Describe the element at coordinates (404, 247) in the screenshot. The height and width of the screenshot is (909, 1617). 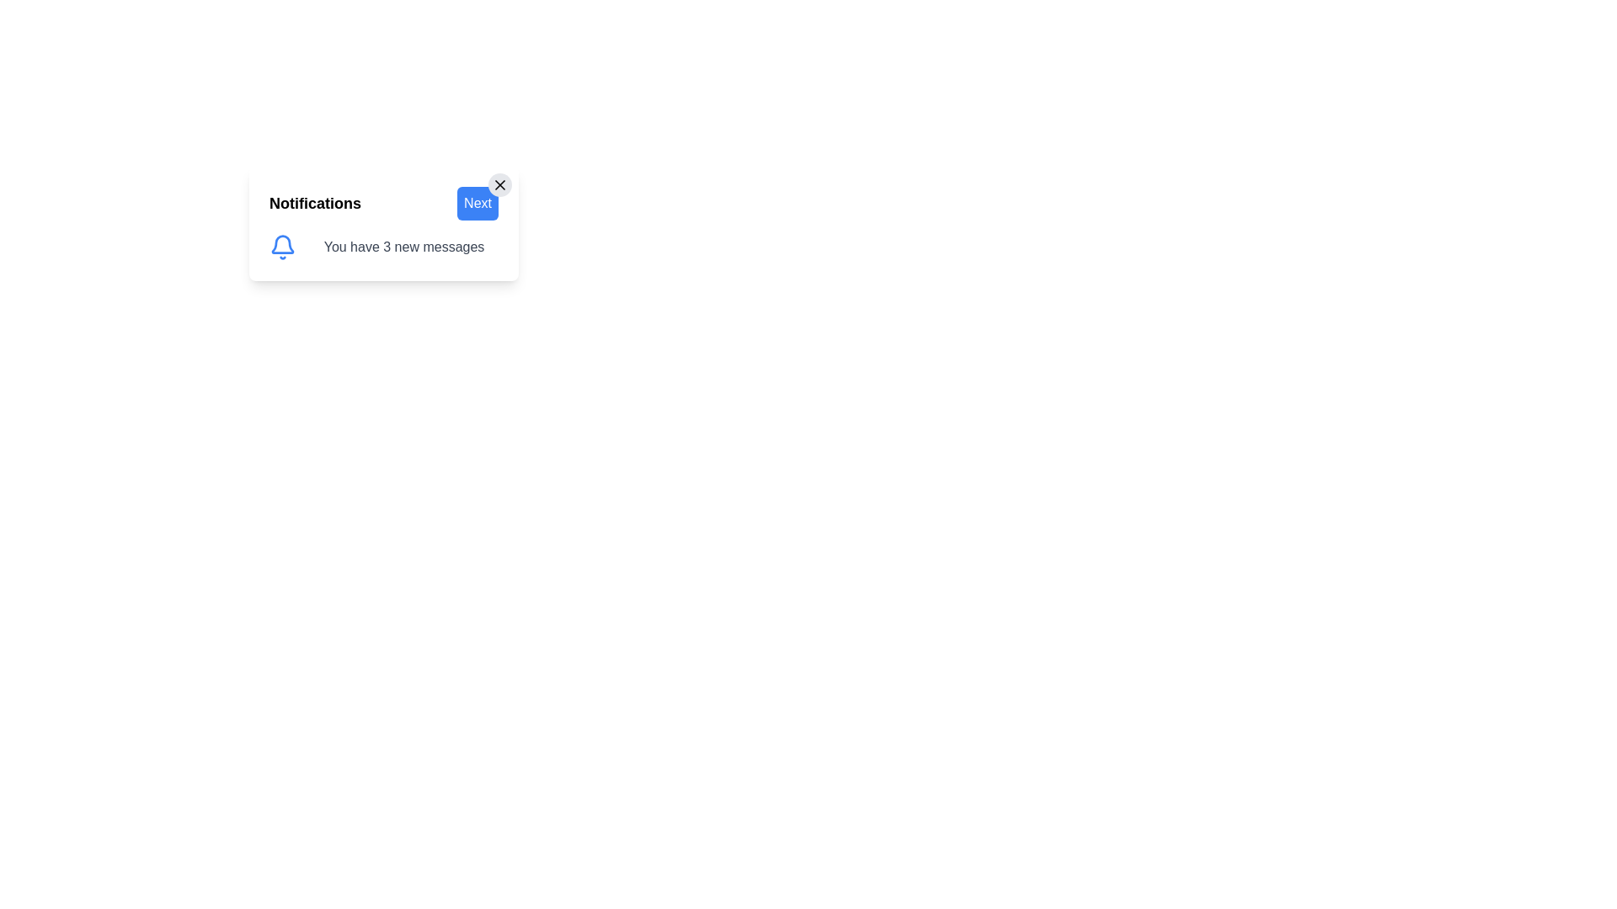
I see `message displayed in the gray text label that says 'You have 3 new messages', located on a white card interface near the notification bell icon` at that location.